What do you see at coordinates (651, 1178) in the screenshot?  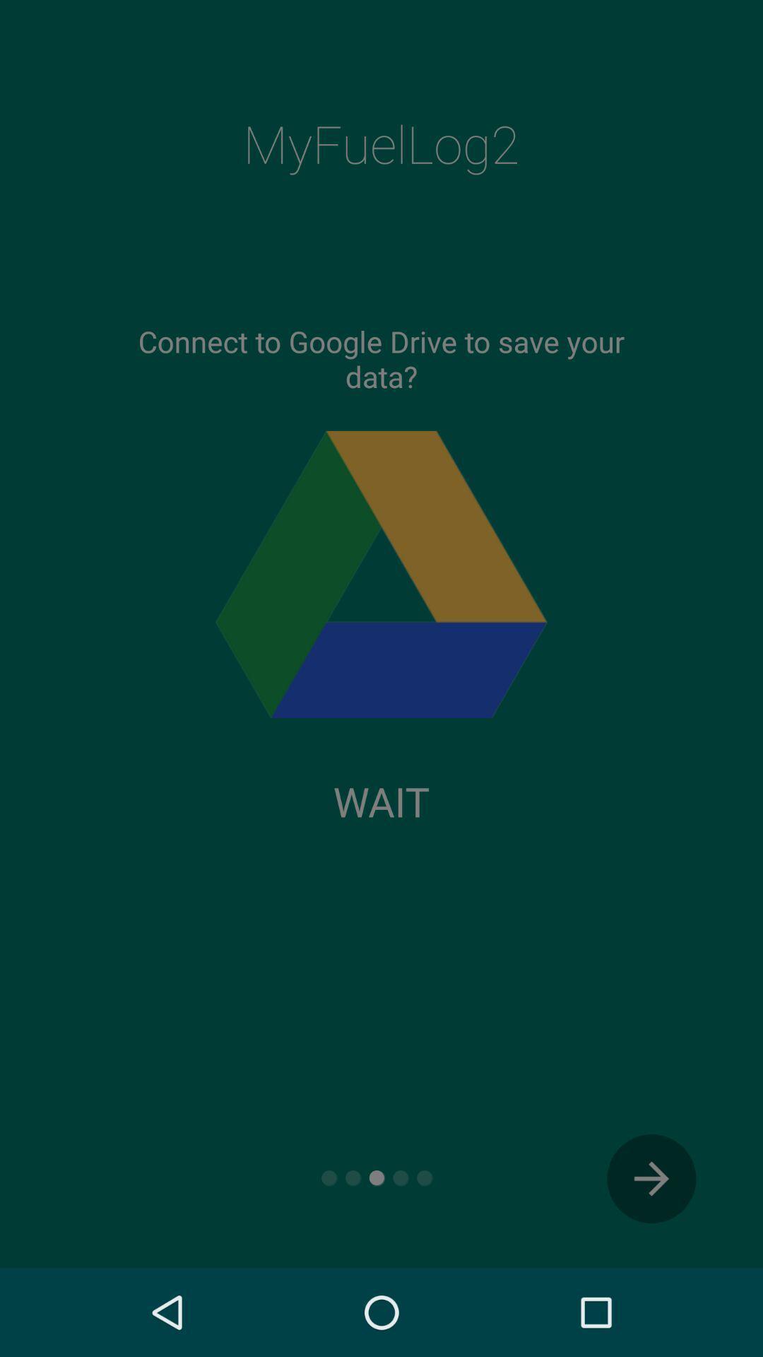 I see `the arrow_forward icon` at bounding box center [651, 1178].